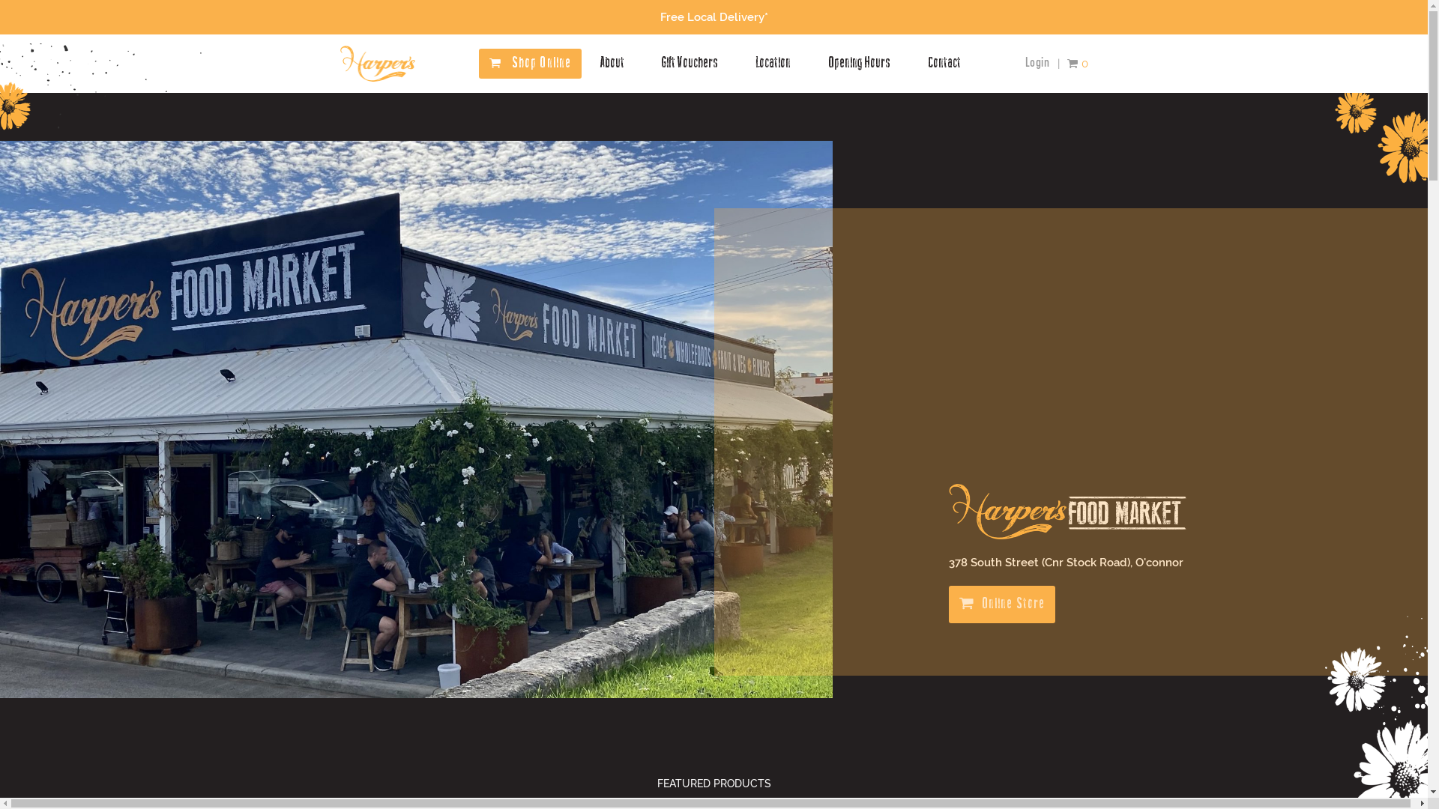 The image size is (1439, 809). What do you see at coordinates (1037, 62) in the screenshot?
I see `'Login'` at bounding box center [1037, 62].